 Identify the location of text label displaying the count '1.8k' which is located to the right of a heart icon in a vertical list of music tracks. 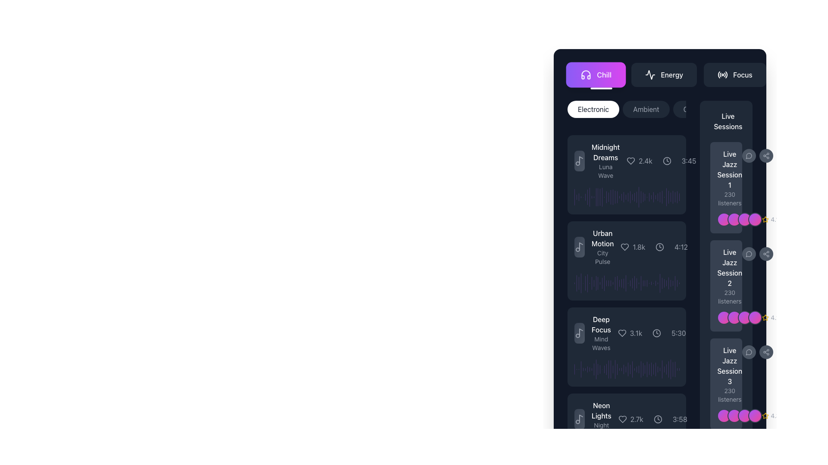
(639, 247).